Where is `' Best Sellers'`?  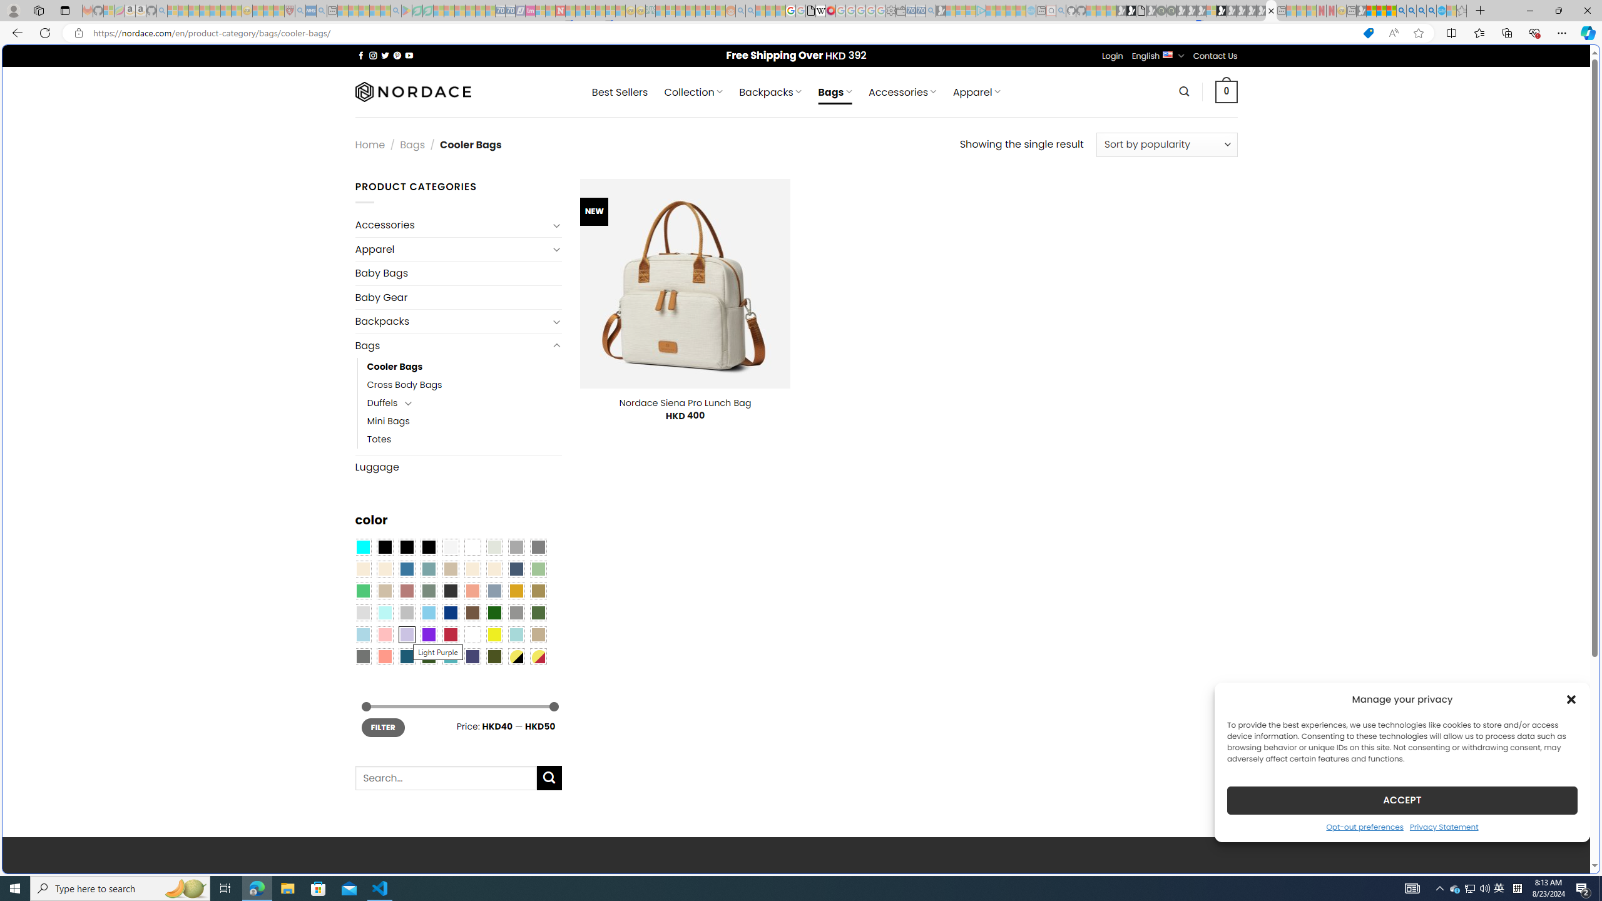
' Best Sellers' is located at coordinates (620, 91).